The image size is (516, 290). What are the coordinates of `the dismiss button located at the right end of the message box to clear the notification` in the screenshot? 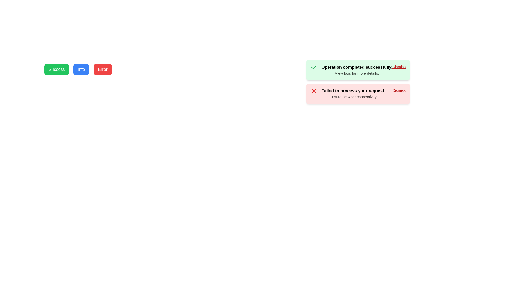 It's located at (399, 90).